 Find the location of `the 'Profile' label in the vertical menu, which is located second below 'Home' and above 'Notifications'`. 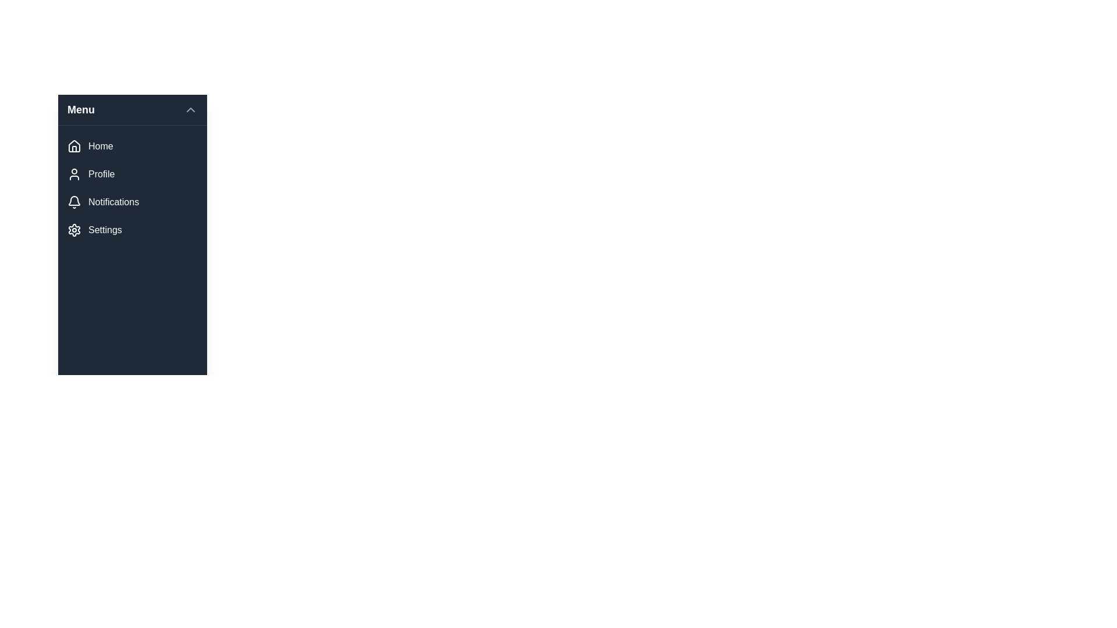

the 'Profile' label in the vertical menu, which is located second below 'Home' and above 'Notifications' is located at coordinates (101, 174).